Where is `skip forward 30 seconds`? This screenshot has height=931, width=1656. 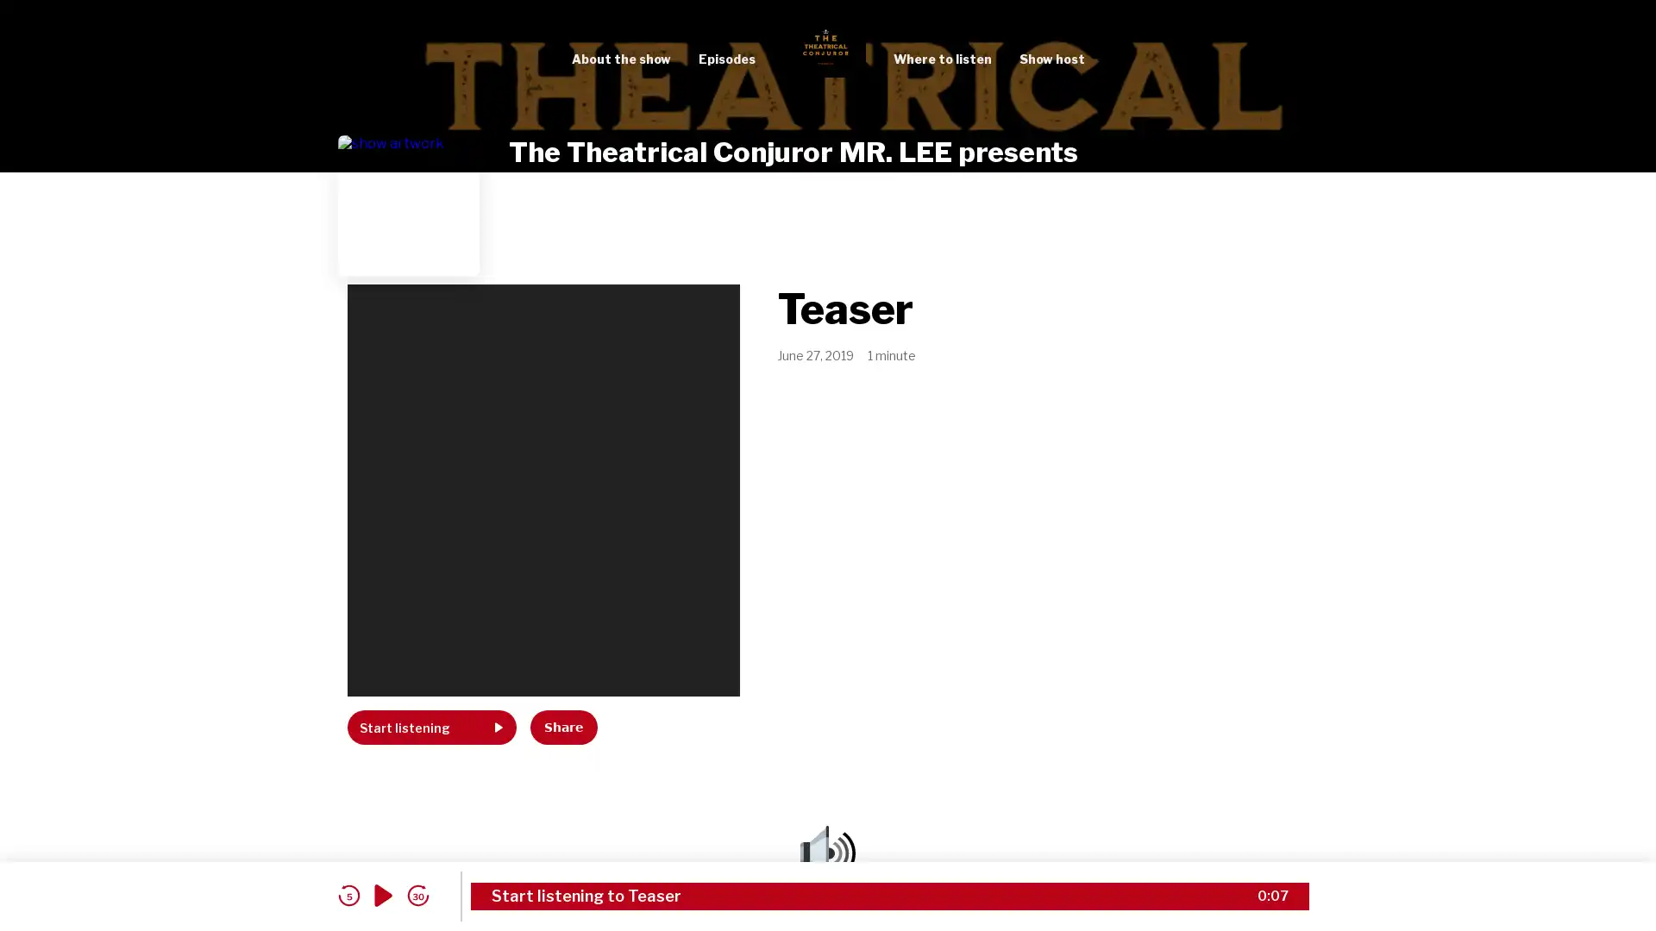 skip forward 30 seconds is located at coordinates (417, 895).